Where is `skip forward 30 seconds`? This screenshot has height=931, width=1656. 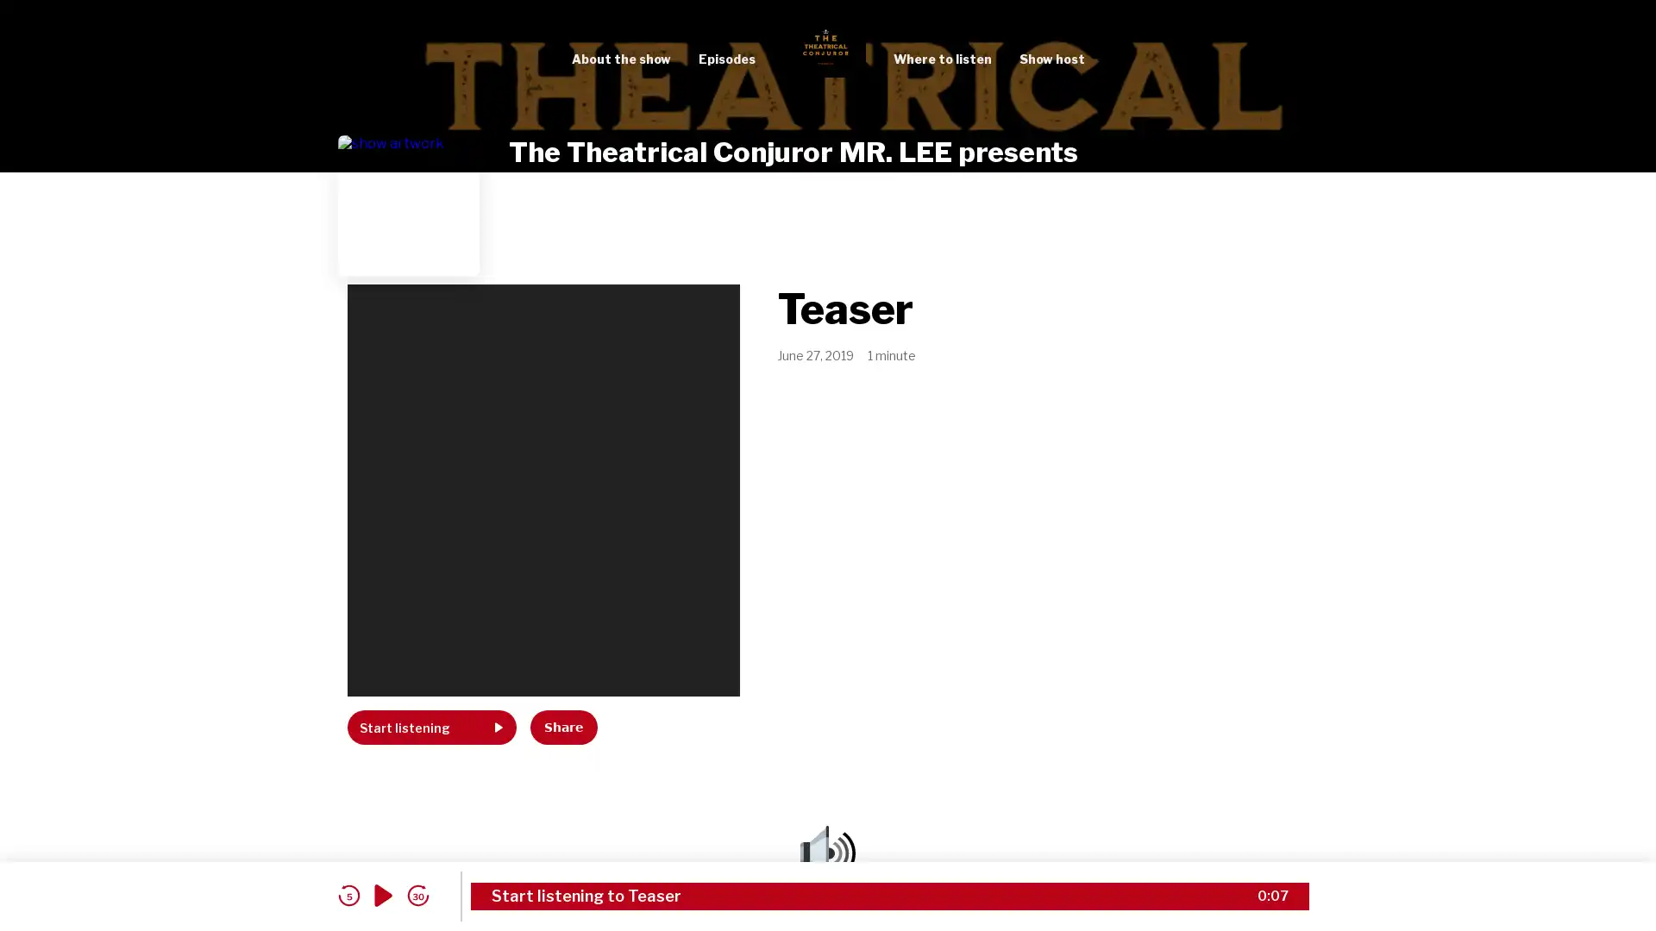 skip forward 30 seconds is located at coordinates (417, 895).